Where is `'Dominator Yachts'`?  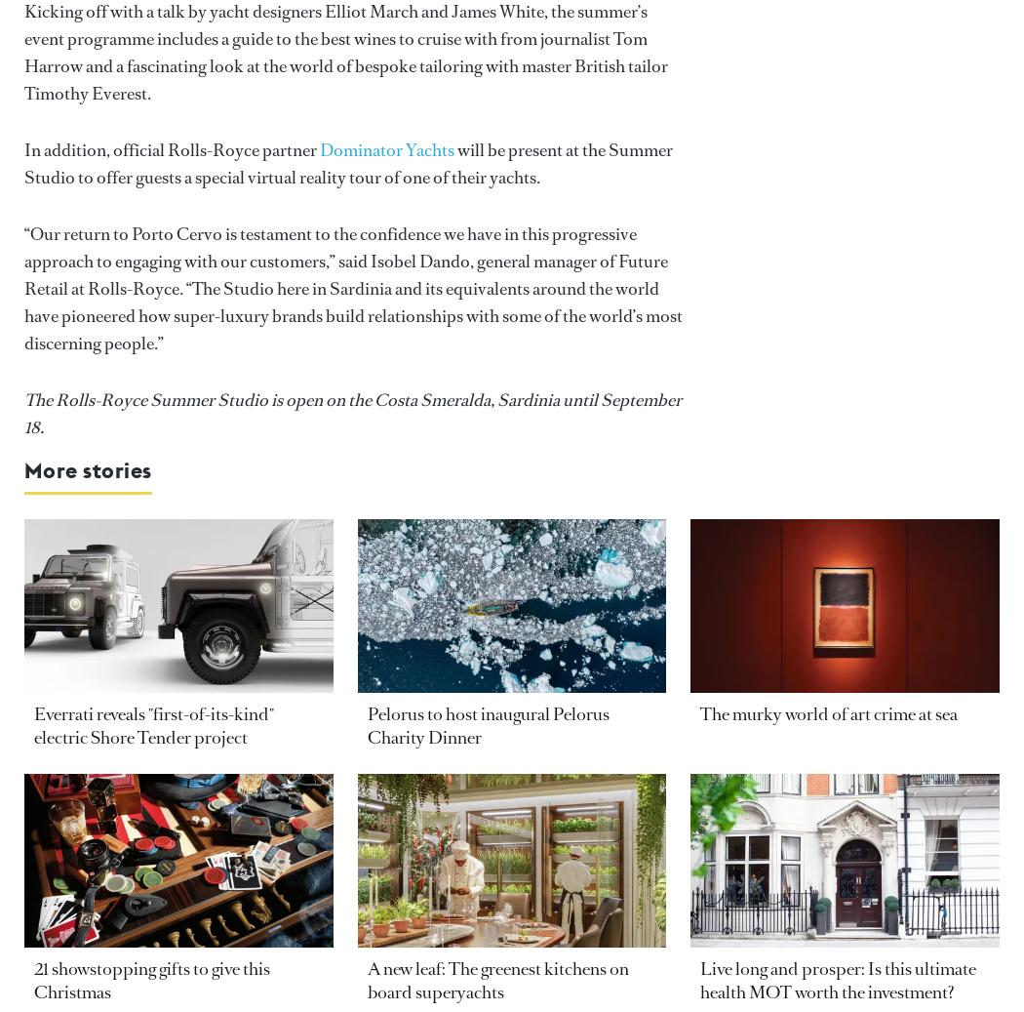 'Dominator Yachts' is located at coordinates (387, 148).